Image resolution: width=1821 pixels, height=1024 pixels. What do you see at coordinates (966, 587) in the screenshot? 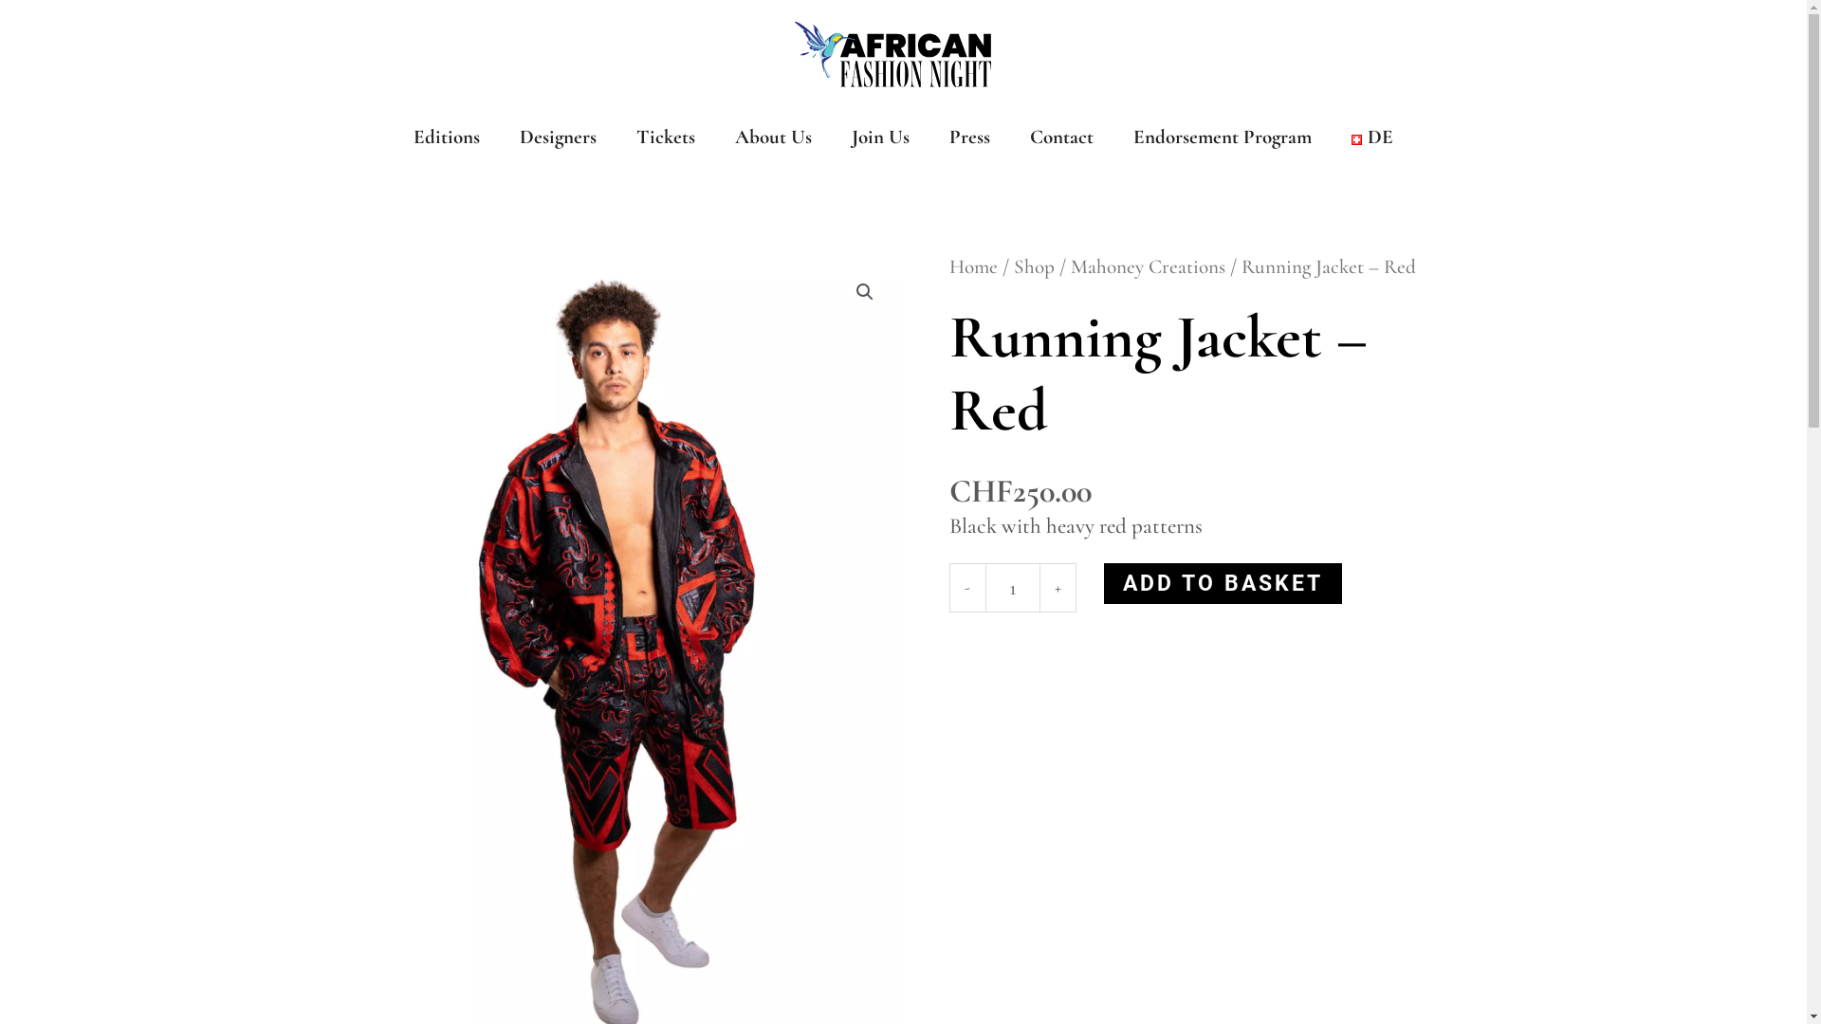
I see `'-'` at bounding box center [966, 587].